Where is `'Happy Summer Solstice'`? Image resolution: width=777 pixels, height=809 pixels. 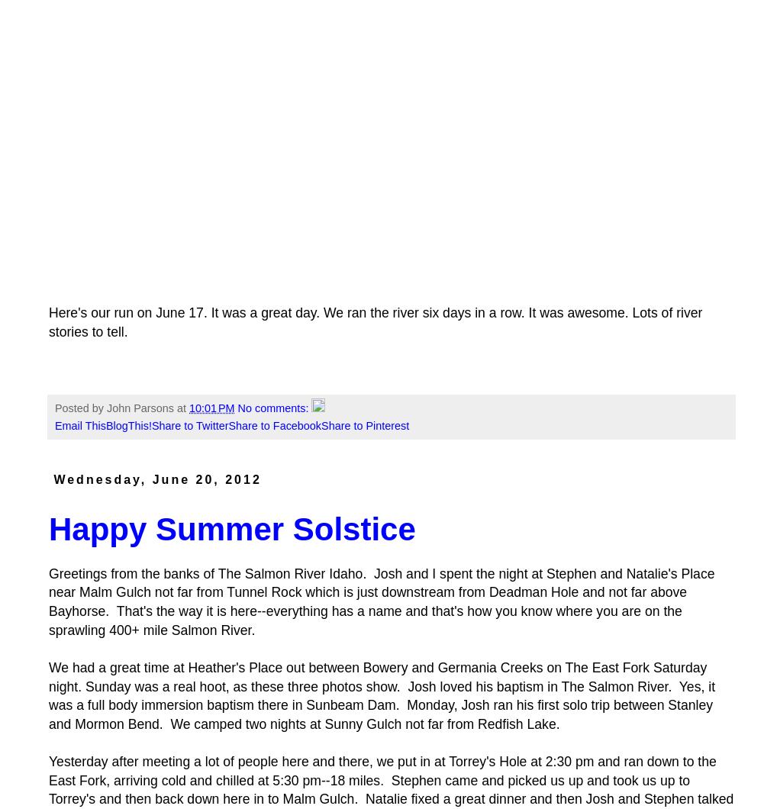
'Happy Summer Solstice' is located at coordinates (231, 528).